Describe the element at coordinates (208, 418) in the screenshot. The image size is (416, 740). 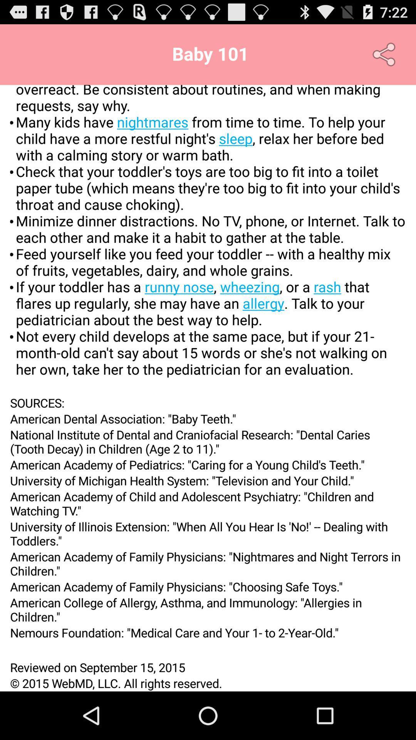
I see `icon above national institute of` at that location.